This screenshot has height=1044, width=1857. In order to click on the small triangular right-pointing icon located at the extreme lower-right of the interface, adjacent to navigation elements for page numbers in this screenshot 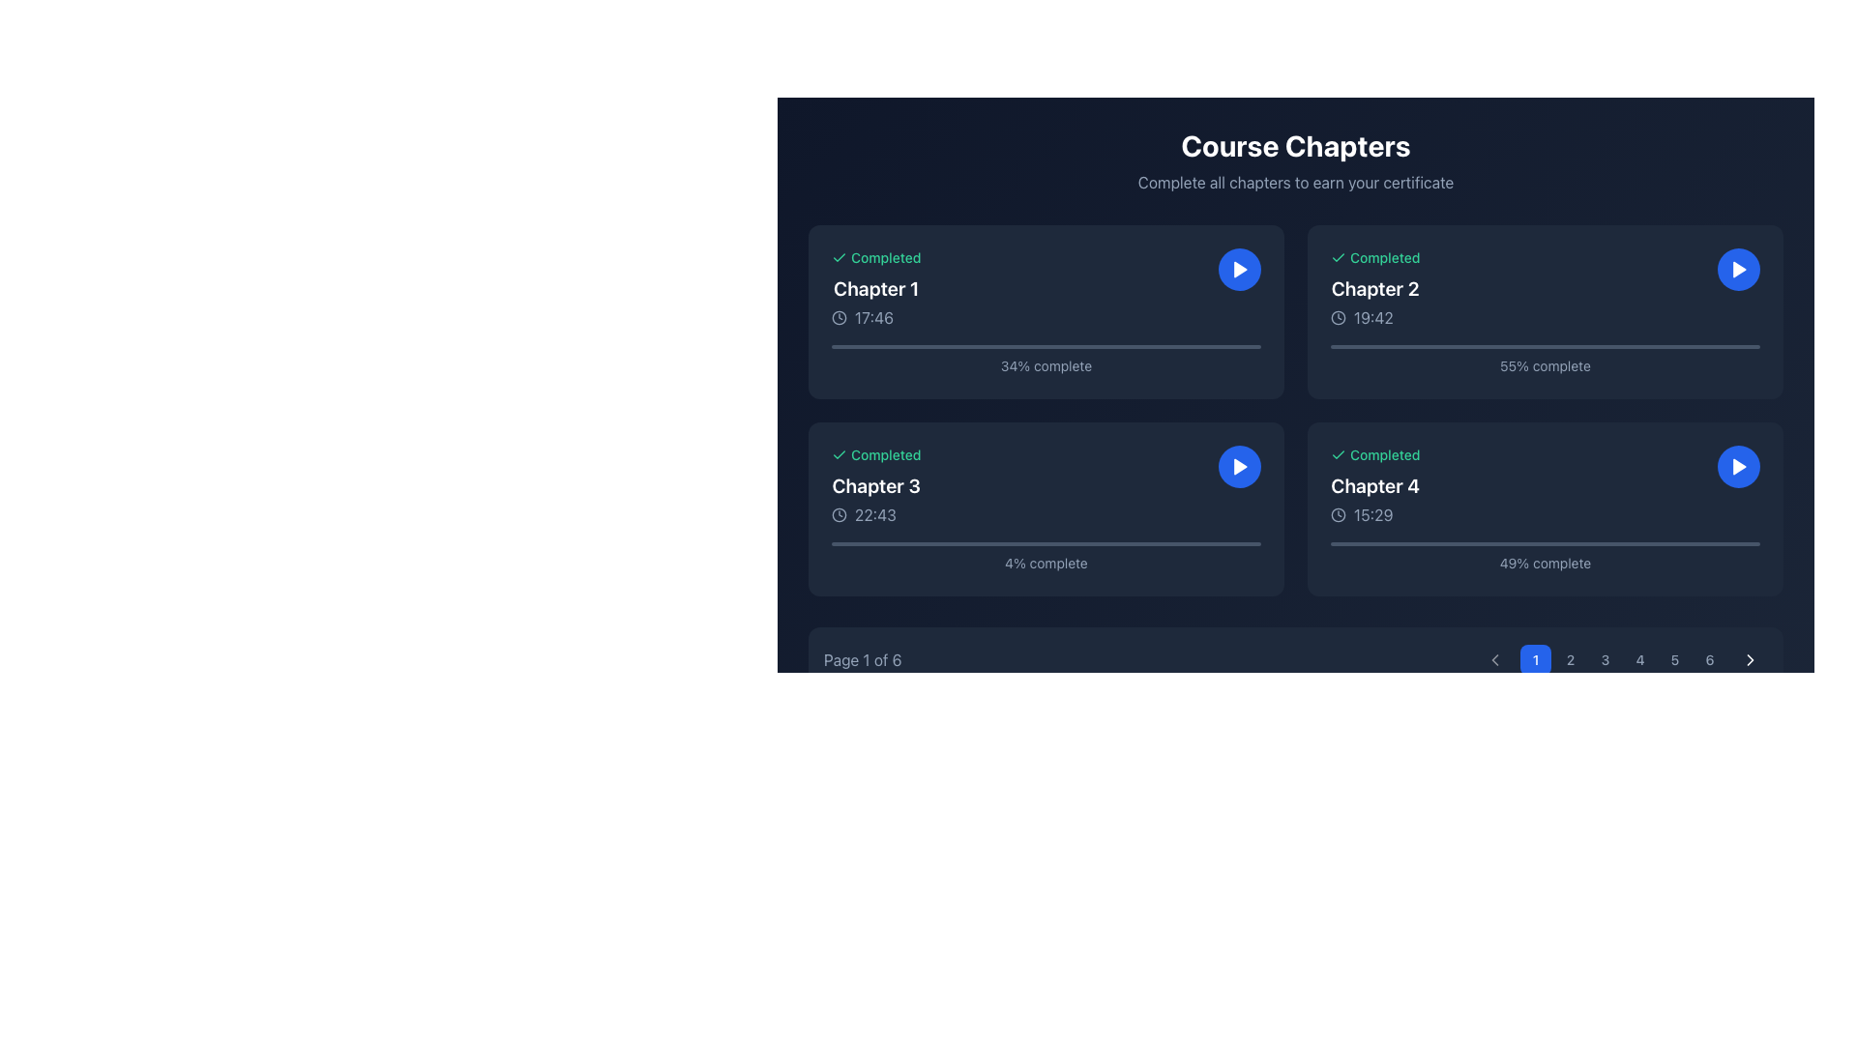, I will do `click(1750, 658)`.